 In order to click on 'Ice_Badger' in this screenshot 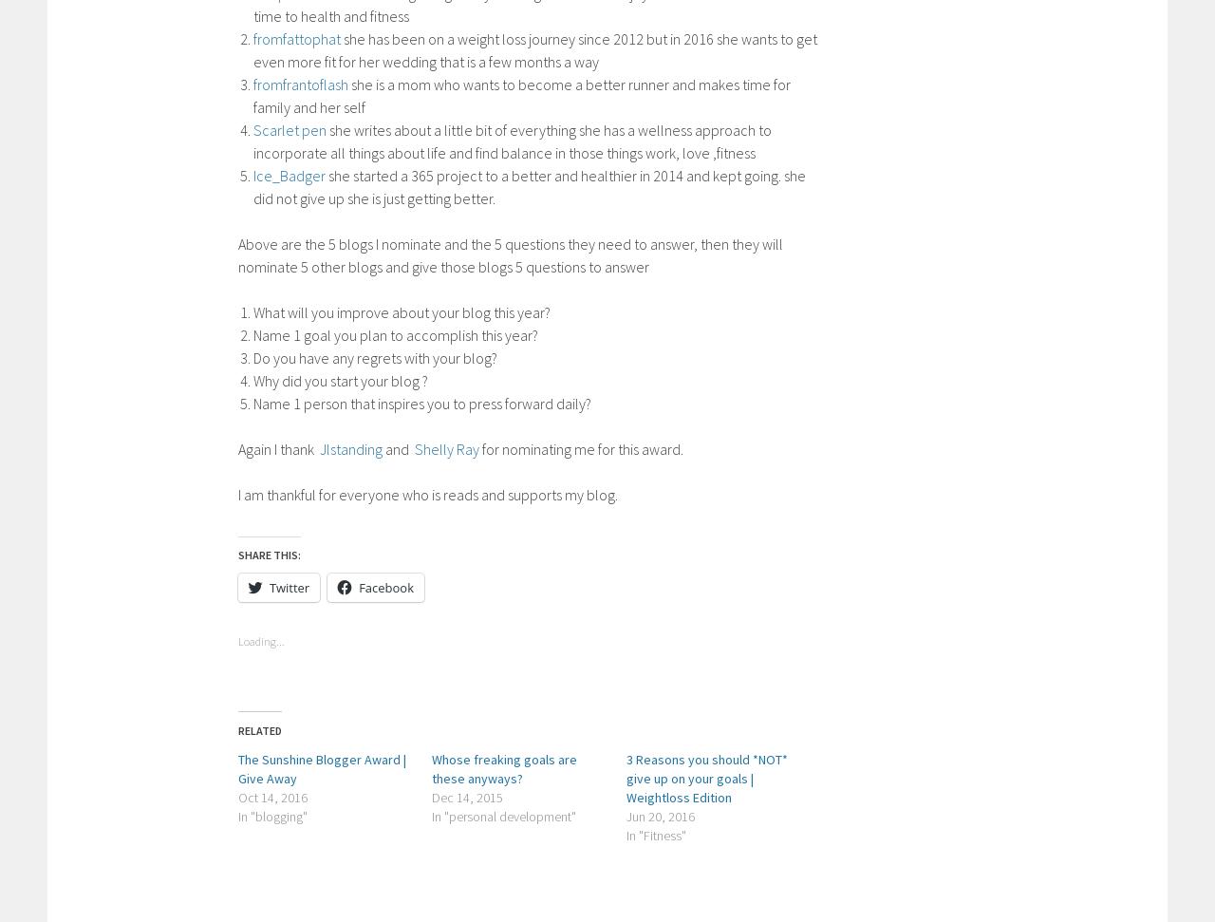, I will do `click(289, 174)`.